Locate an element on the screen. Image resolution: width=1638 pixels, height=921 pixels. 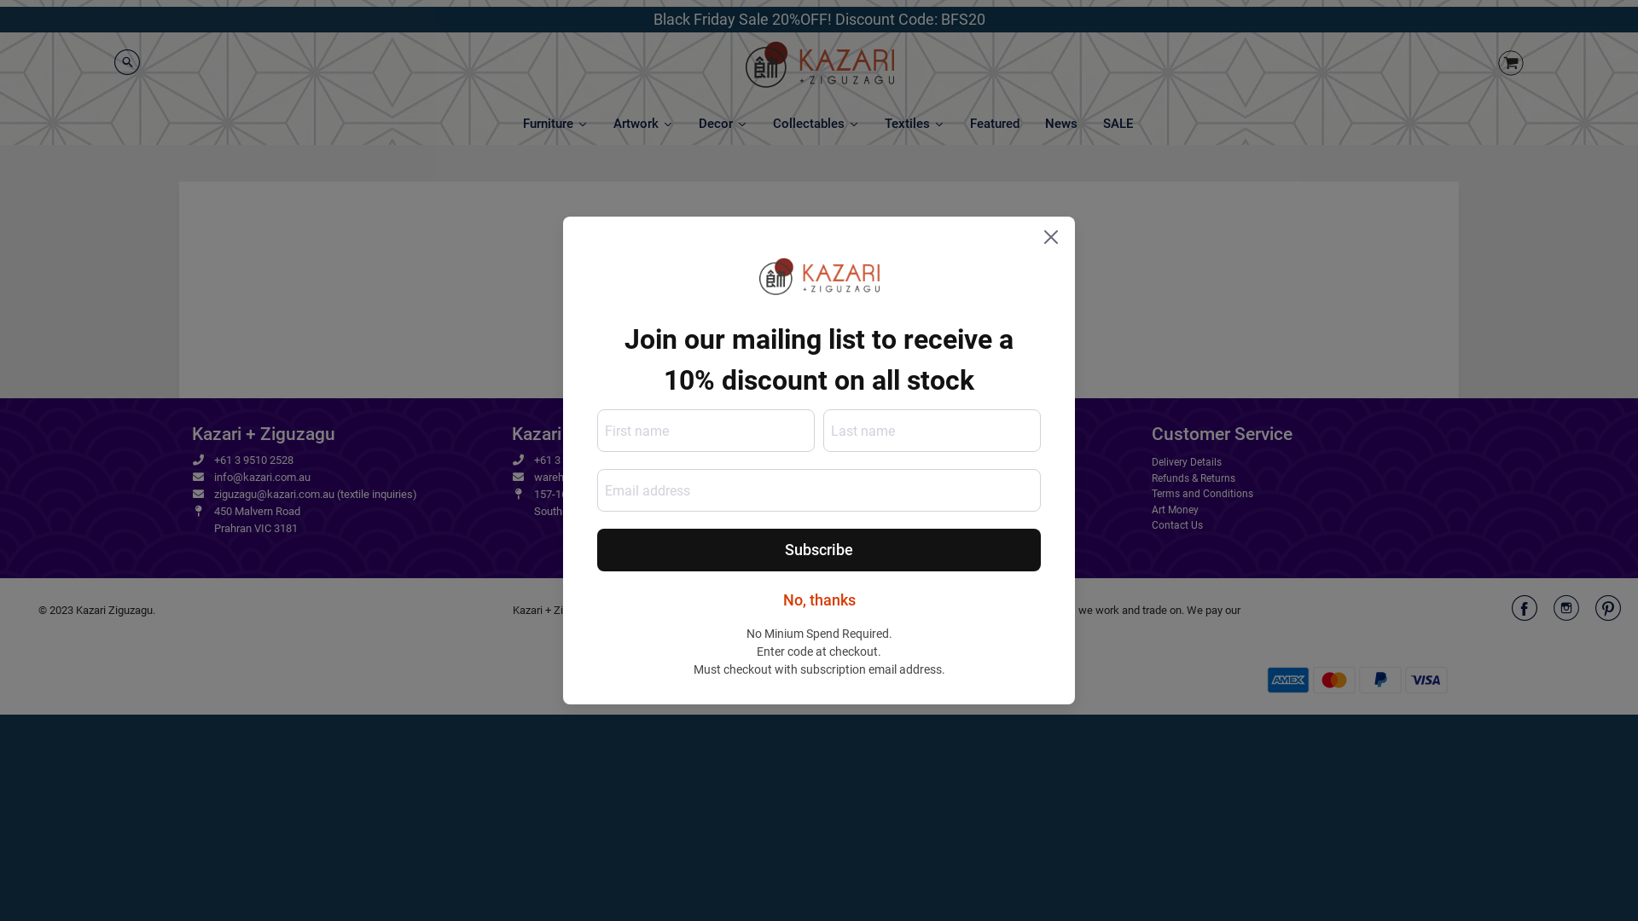
'Artwork' is located at coordinates (642, 123).